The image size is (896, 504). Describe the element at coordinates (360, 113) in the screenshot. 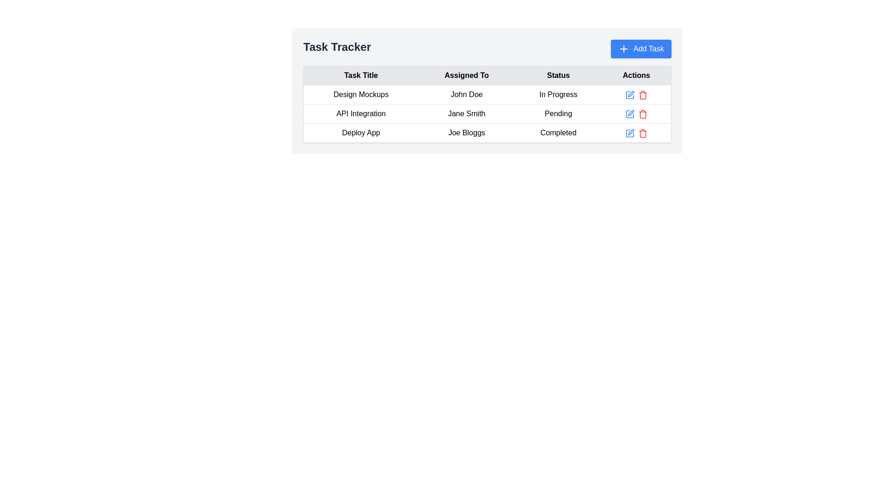

I see `the Text Label indicating the task name 'API Integration', which is located in the first column of the row under 'Design Mockups'` at that location.